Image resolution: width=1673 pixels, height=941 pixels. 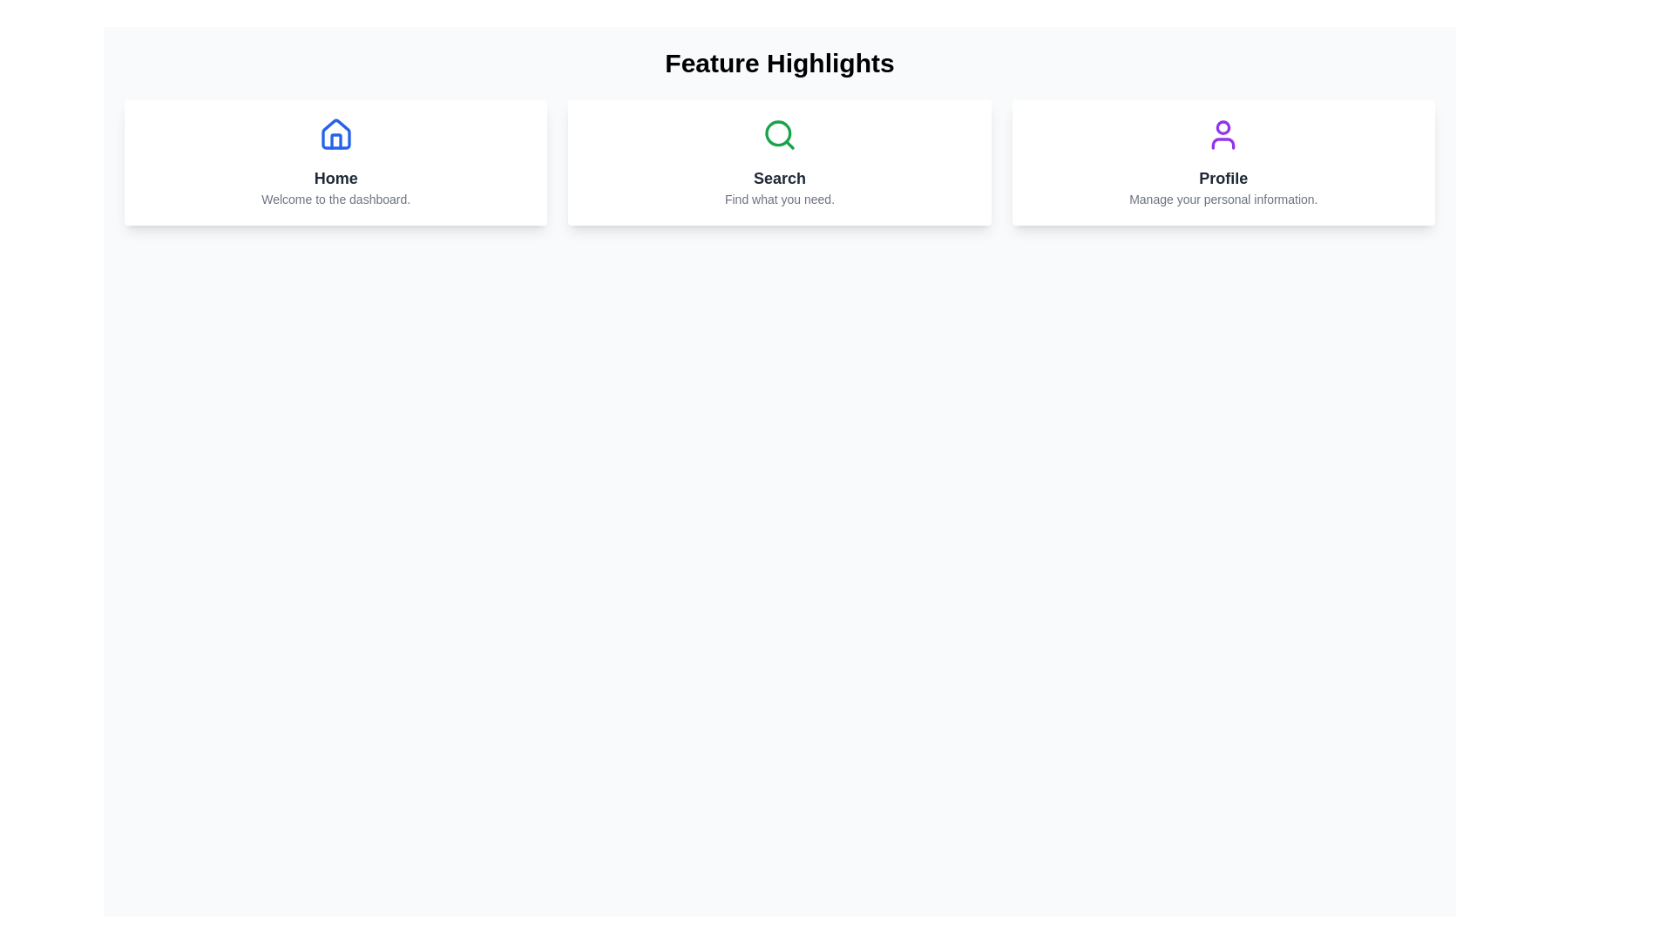 What do you see at coordinates (335, 178) in the screenshot?
I see `the 'Home' text label, which serves as a heading for its section, positioned between a house icon and a smaller text reading 'Welcome to the dashboard.'` at bounding box center [335, 178].